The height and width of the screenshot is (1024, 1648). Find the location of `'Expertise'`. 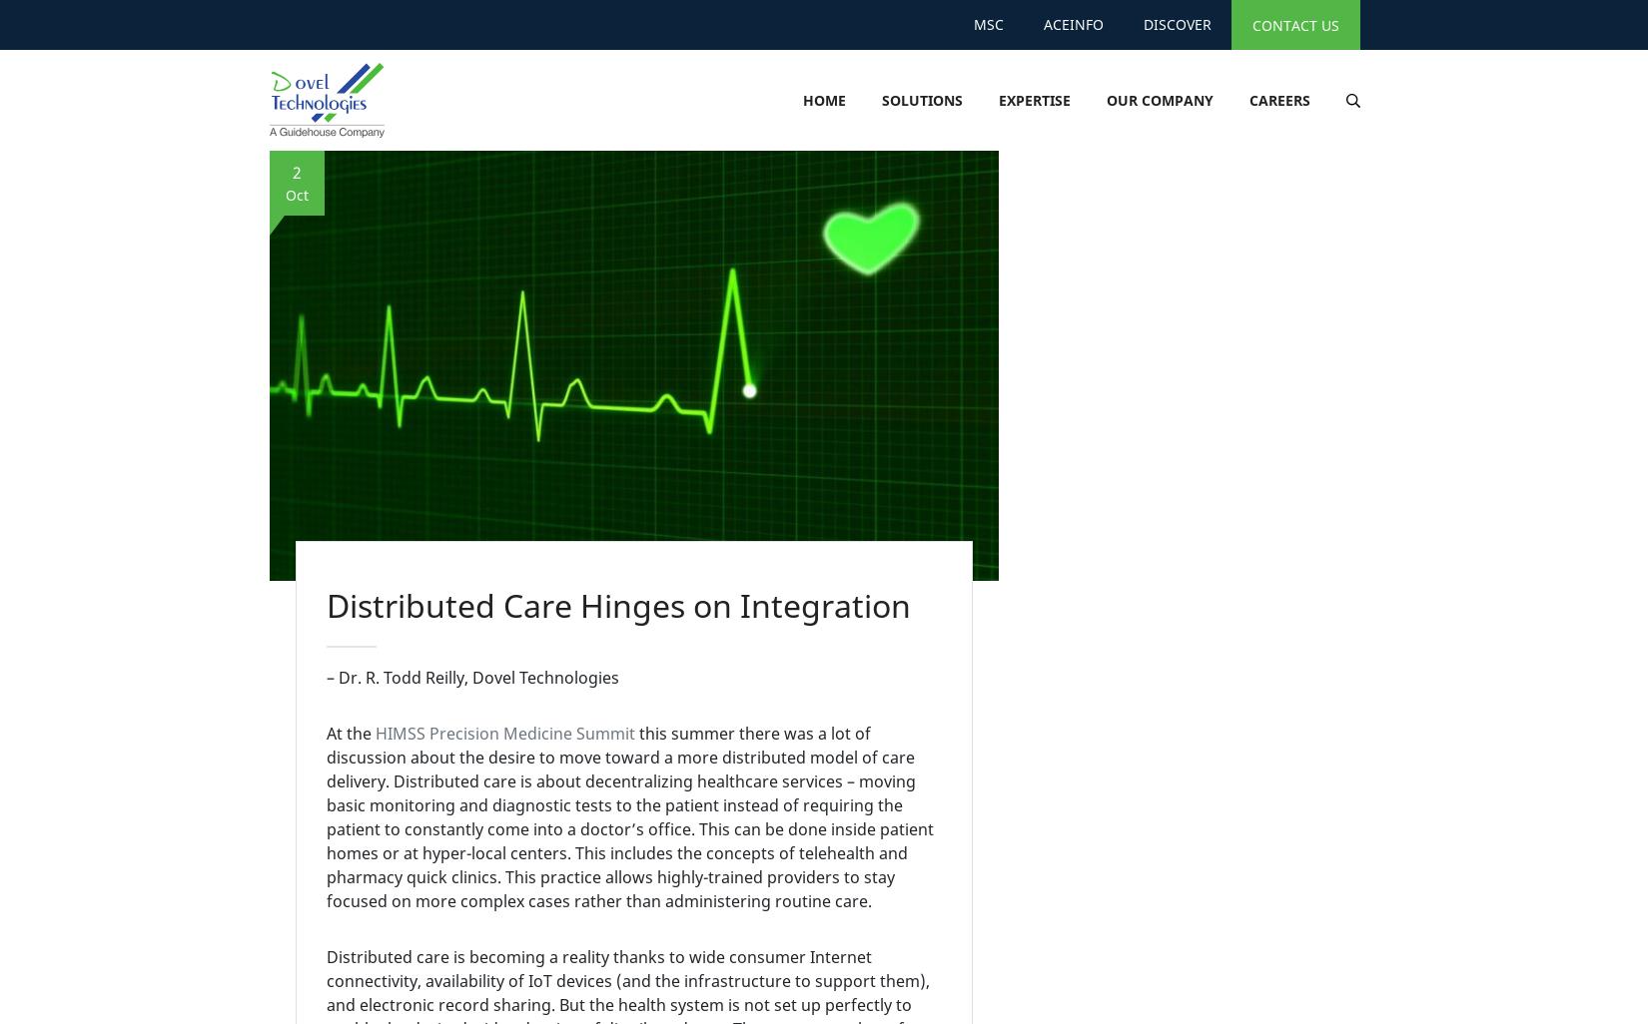

'Expertise' is located at coordinates (1035, 99).